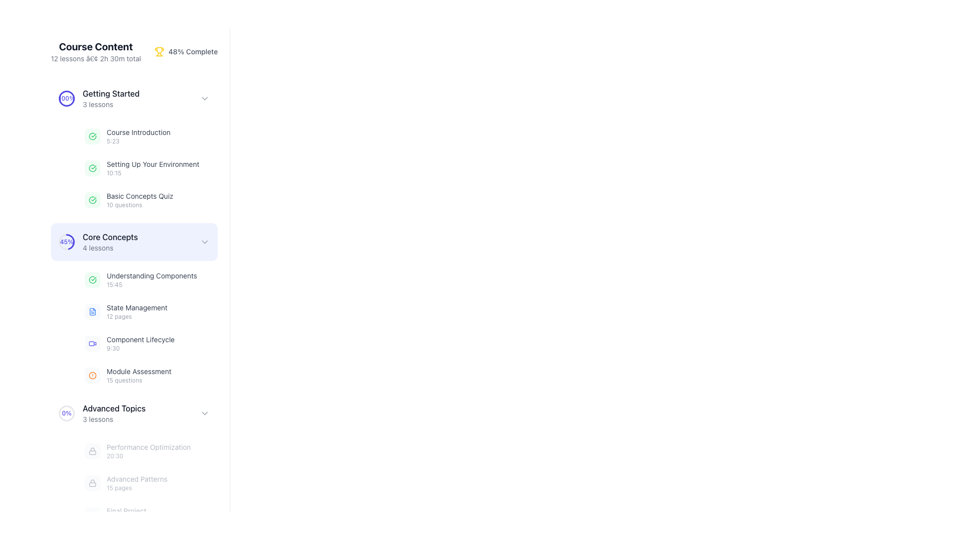  I want to click on the list item representing the lesson titled 'Understanding Components' with a green checkmark icon in the 'Core Concepts' section of the sidebar menu, so click(140, 280).